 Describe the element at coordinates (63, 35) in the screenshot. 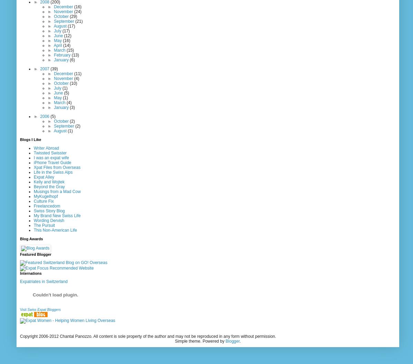

I see `'(12)'` at that location.